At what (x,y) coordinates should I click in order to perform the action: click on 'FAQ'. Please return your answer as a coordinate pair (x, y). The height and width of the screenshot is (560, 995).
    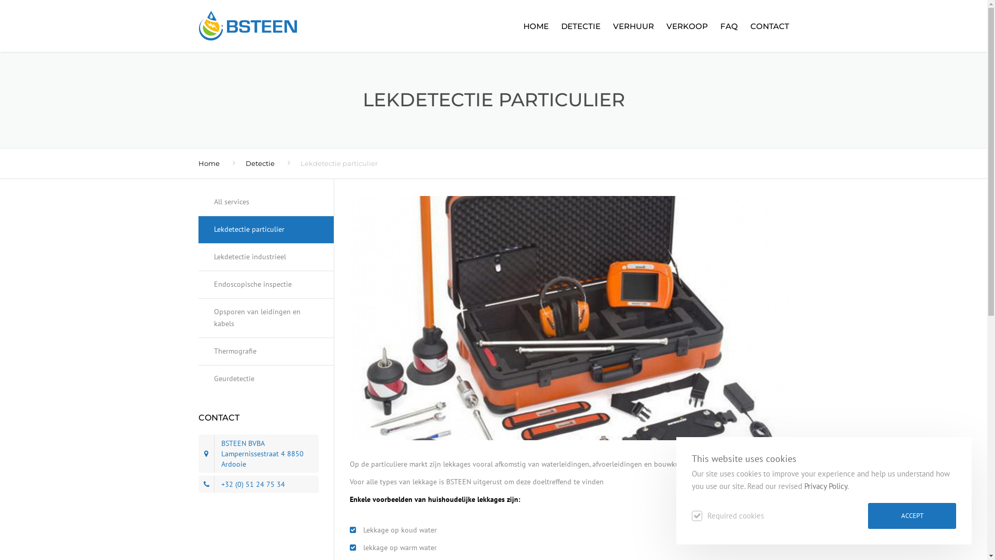
    Looking at the image, I should click on (715, 25).